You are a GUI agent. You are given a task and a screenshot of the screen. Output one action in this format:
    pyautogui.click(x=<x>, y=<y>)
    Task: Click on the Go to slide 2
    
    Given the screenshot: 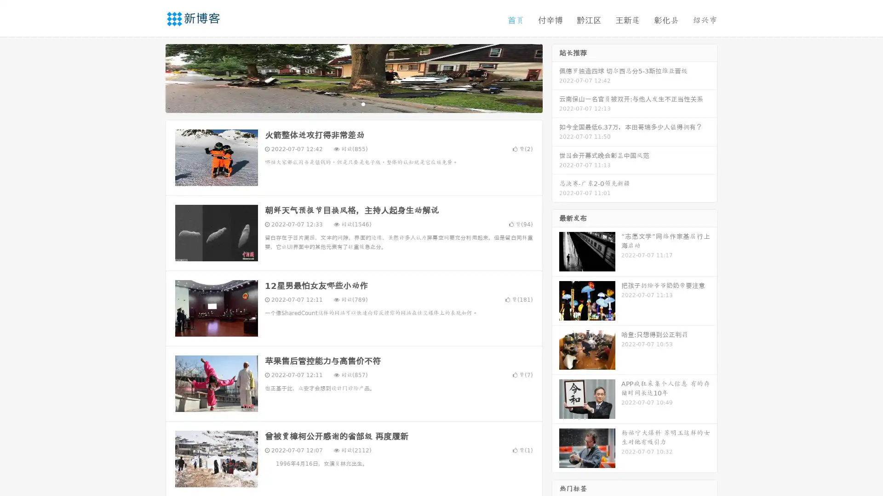 What is the action you would take?
    pyautogui.click(x=353, y=103)
    